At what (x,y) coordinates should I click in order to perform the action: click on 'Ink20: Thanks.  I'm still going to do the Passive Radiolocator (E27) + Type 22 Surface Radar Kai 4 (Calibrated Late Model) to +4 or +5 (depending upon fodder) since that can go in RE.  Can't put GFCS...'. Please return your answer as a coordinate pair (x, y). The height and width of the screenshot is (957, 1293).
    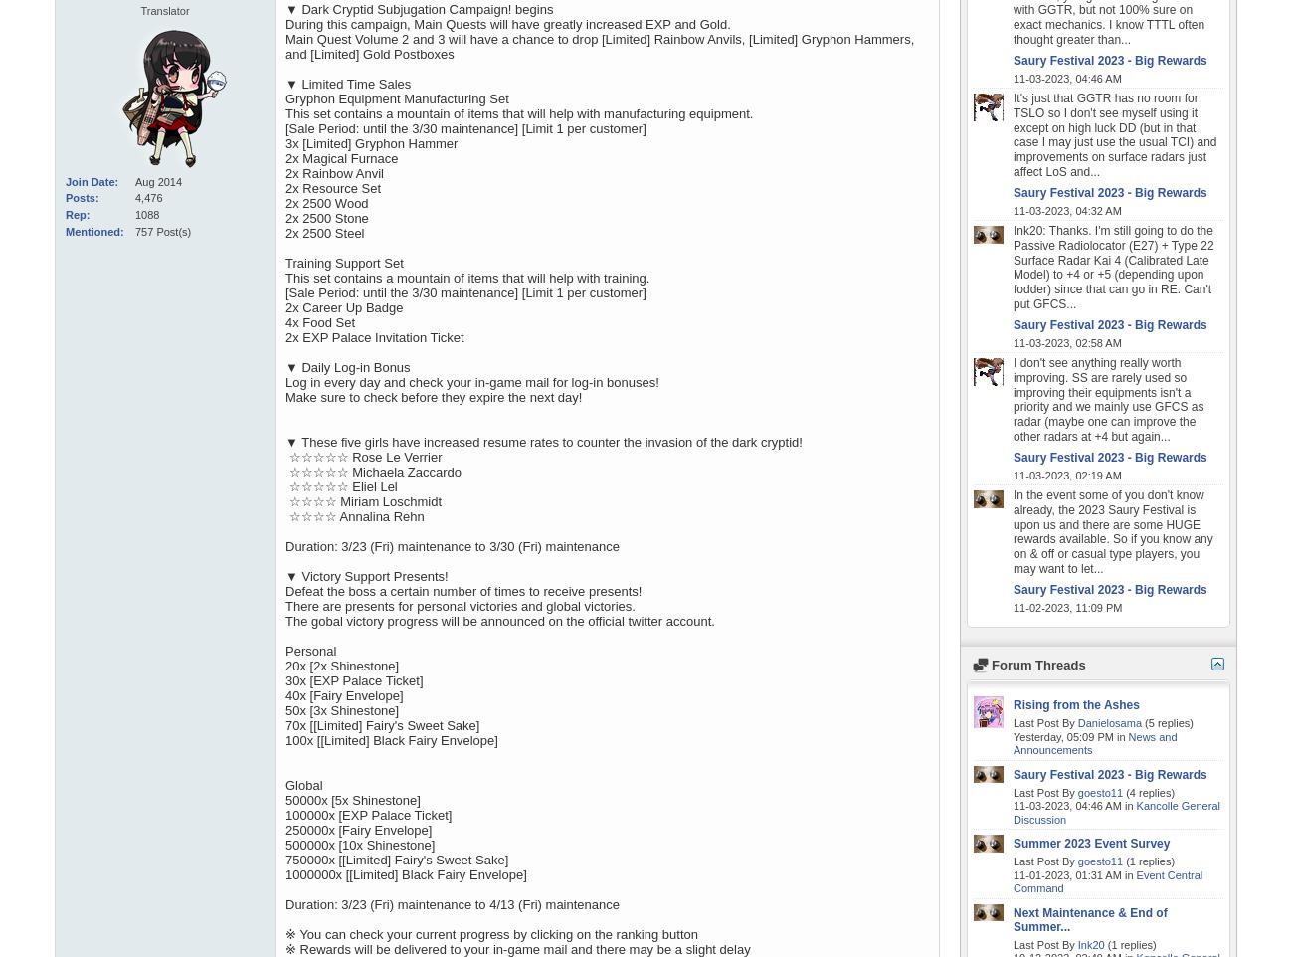
    Looking at the image, I should click on (1012, 267).